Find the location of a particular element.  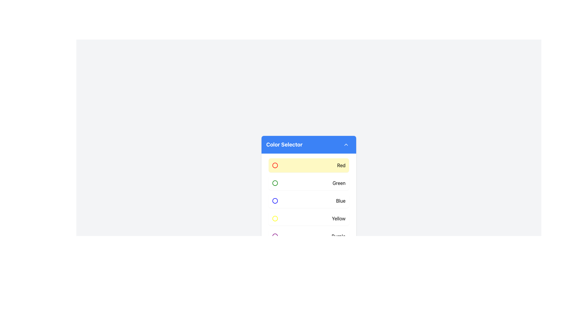

the selectable option labeled 'Blue' in the 'Color Selector' list is located at coordinates (308, 208).